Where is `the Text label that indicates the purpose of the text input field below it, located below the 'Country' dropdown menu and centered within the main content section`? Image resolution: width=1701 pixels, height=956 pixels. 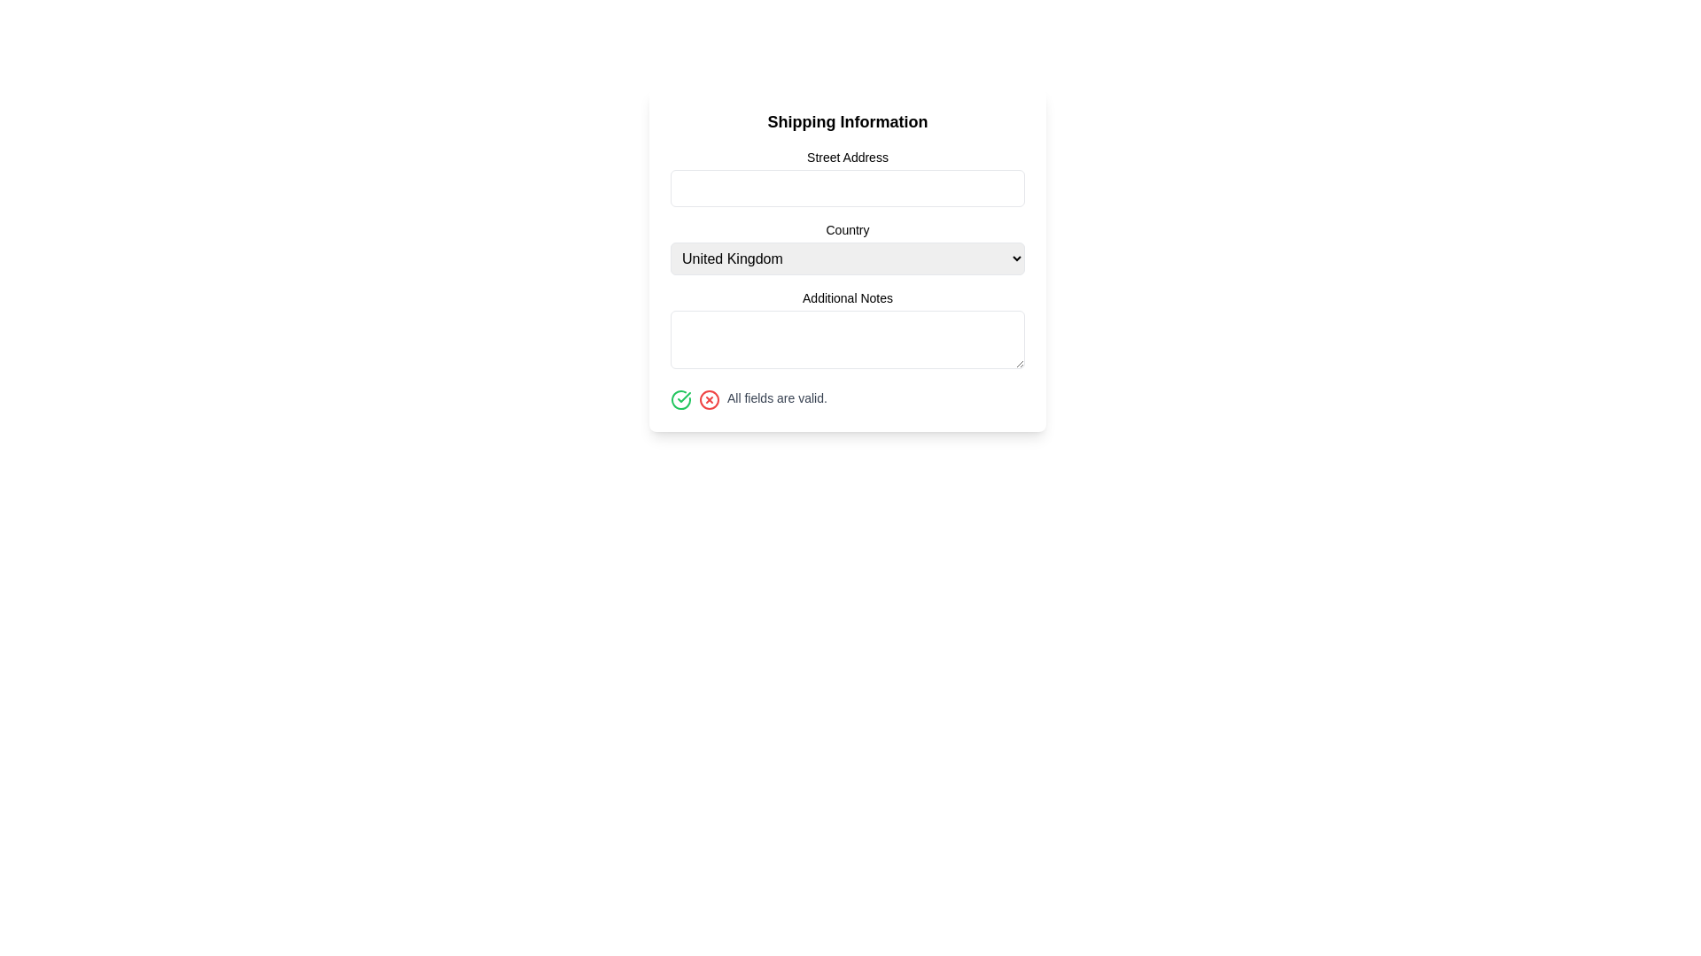 the Text label that indicates the purpose of the text input field below it, located below the 'Country' dropdown menu and centered within the main content section is located at coordinates (846, 297).